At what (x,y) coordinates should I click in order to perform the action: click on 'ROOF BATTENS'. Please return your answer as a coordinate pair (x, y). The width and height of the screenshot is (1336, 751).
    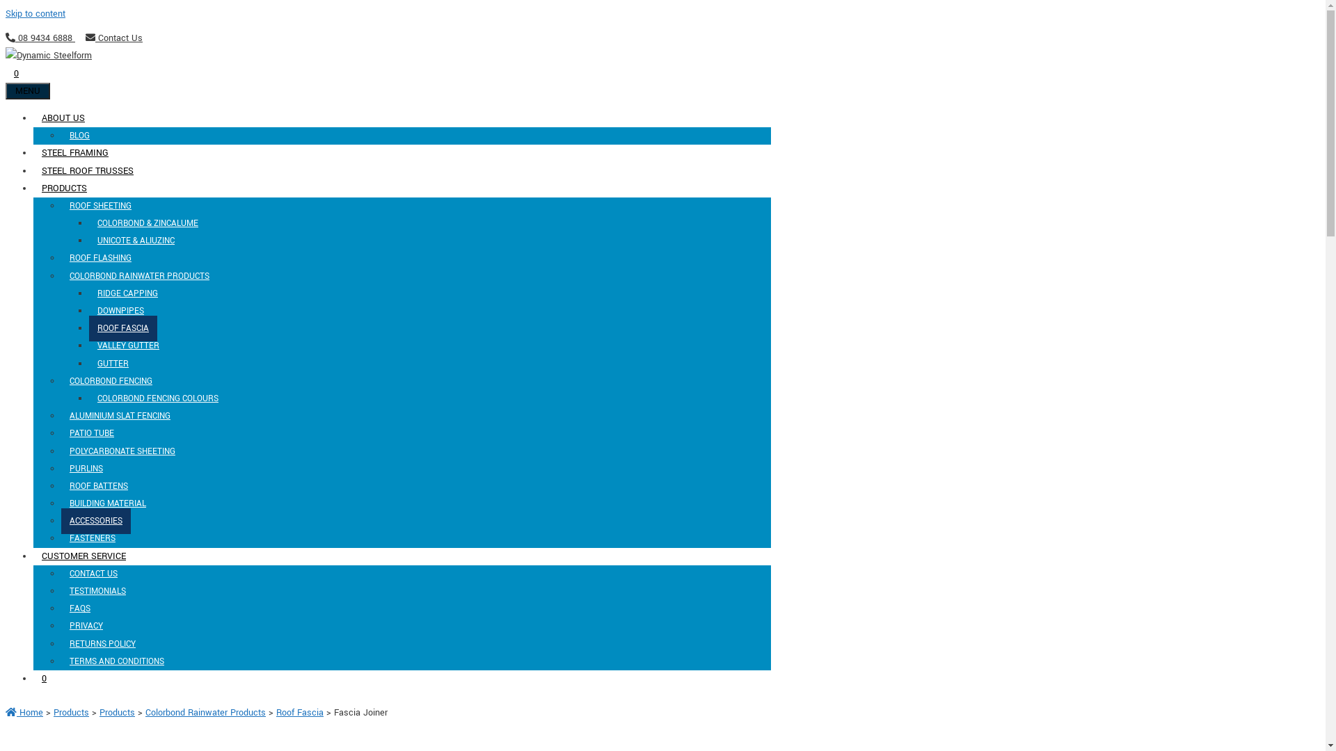
    Looking at the image, I should click on (98, 485).